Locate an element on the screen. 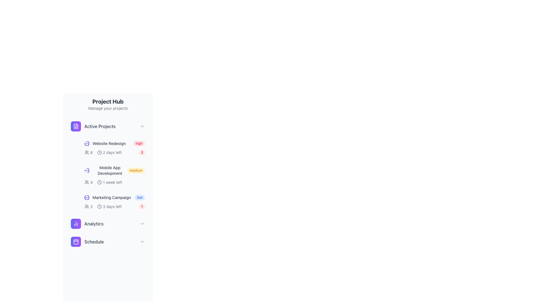  the button that serves as the entry point for the 'Analytics' section in the 'Project Hub' sidebar menu, located to the left of the 'Analytics' text label is located at coordinates (75, 223).